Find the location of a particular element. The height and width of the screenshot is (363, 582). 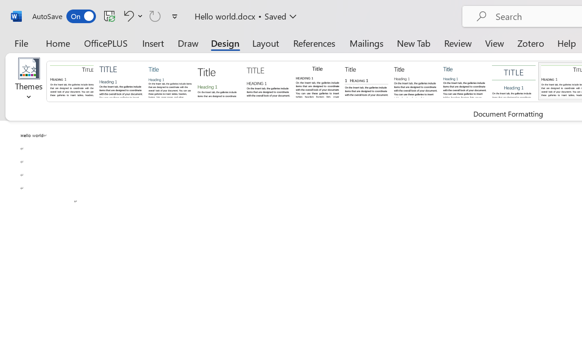

'Zotero' is located at coordinates (531, 43).